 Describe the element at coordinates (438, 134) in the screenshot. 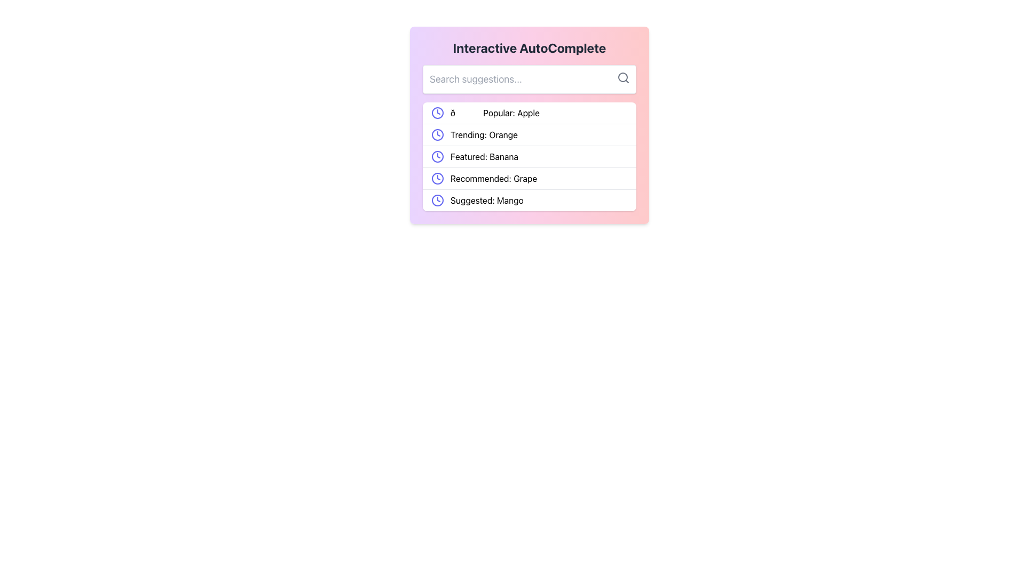

I see `the clock icon styled with a circular outline and clock hands, located in the suggestion list under 'Trending: Orange'` at that location.